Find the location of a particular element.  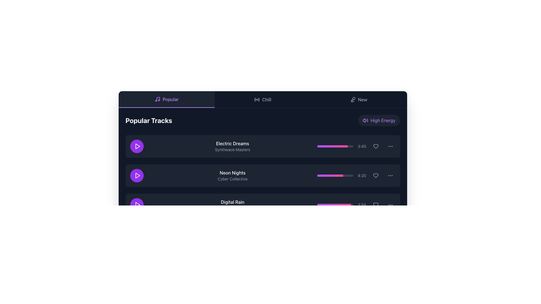

the text block element displaying 'Electric Dreams' and 'Synthwave Masters', which is centrally positioned in the popular tracks section, adjacent to a play button and duration indicator is located at coordinates (232, 146).